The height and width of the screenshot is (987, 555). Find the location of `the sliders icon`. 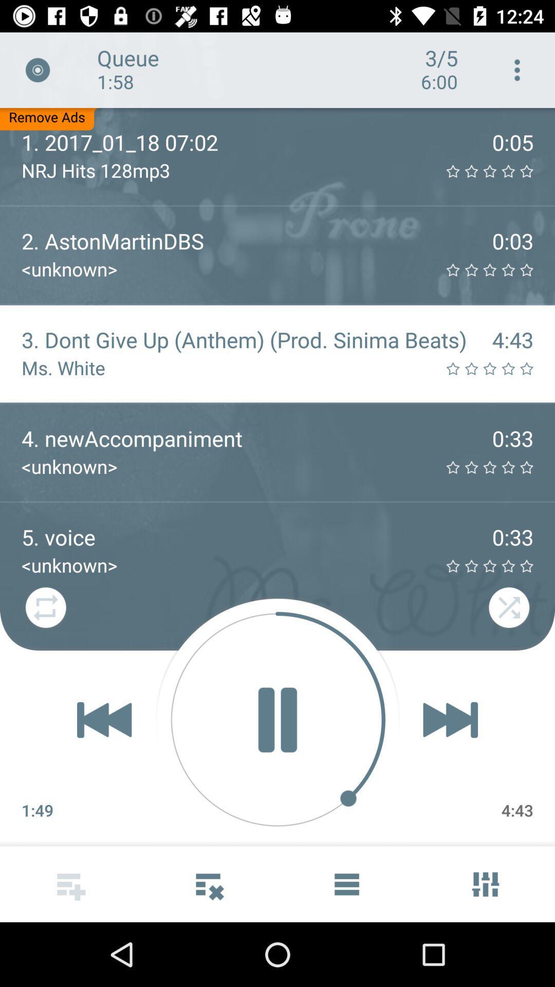

the sliders icon is located at coordinates (486, 884).